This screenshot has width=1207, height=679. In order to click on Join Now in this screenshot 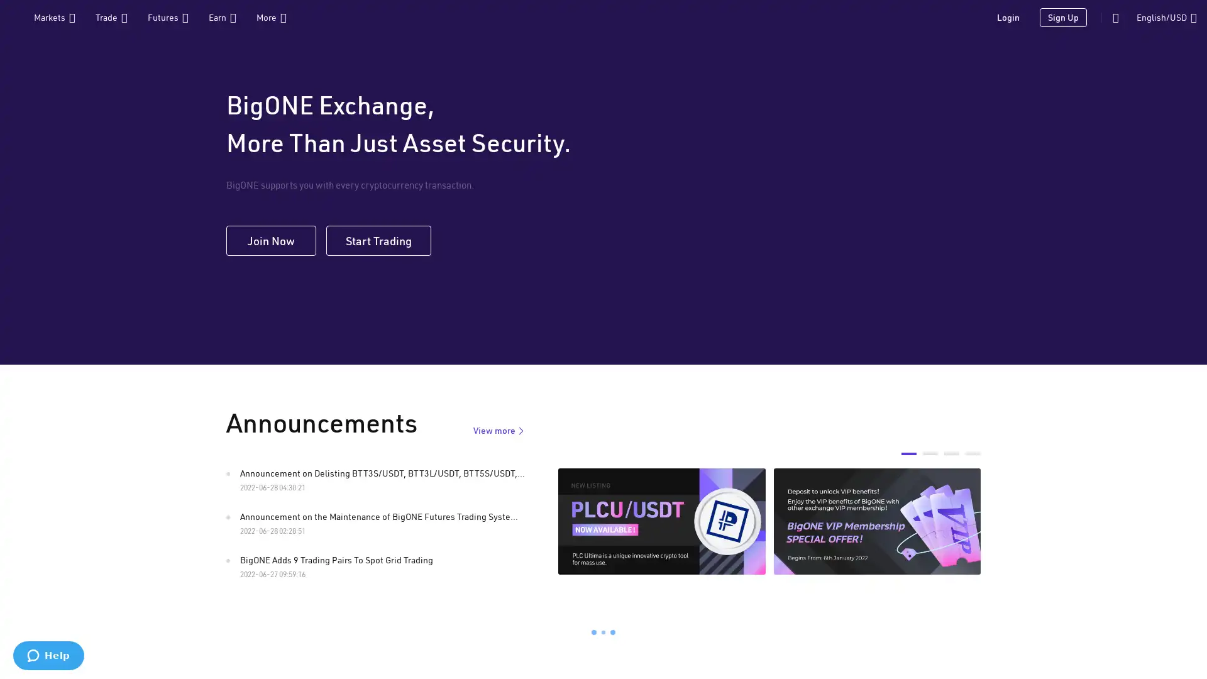, I will do `click(270, 240)`.